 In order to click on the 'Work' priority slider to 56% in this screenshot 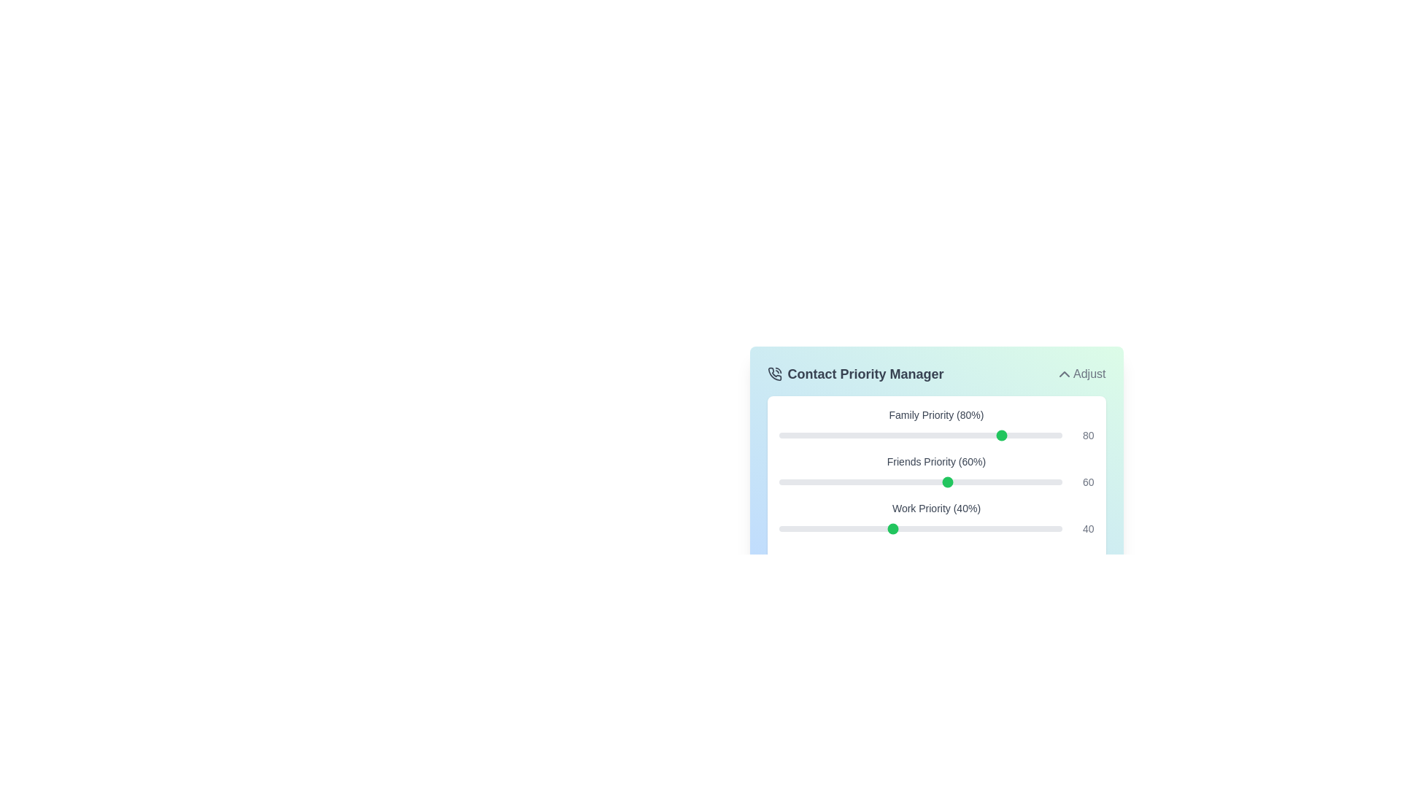, I will do `click(937, 529)`.